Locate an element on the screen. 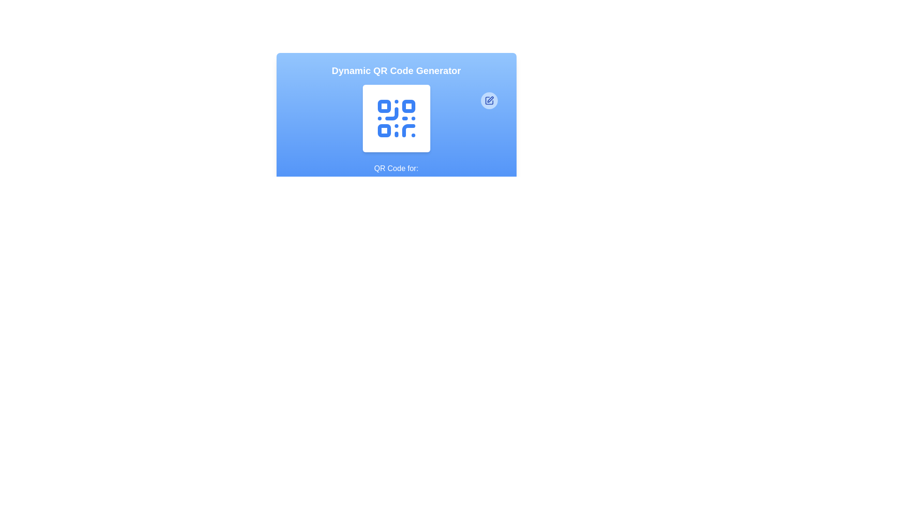 This screenshot has width=900, height=506. the small, curved stroke within the QR code design located in the middle-left area of the QR code's intricate structure is located at coordinates (391, 113).